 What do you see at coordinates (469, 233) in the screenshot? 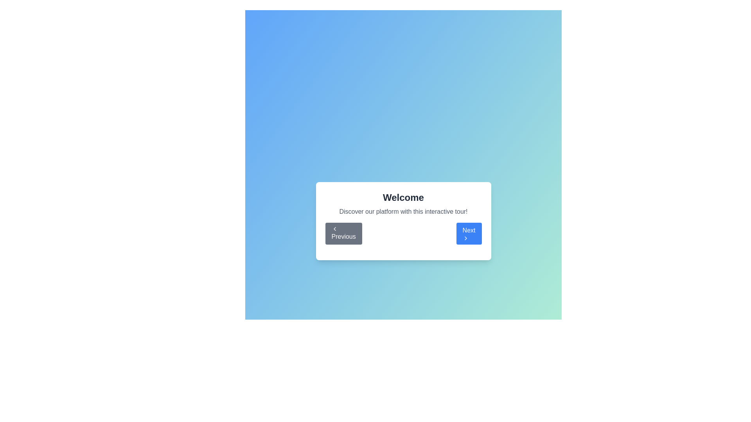
I see `the 'Next' button, which is a rectangular button with a blue gradient and white text, to proceed` at bounding box center [469, 233].